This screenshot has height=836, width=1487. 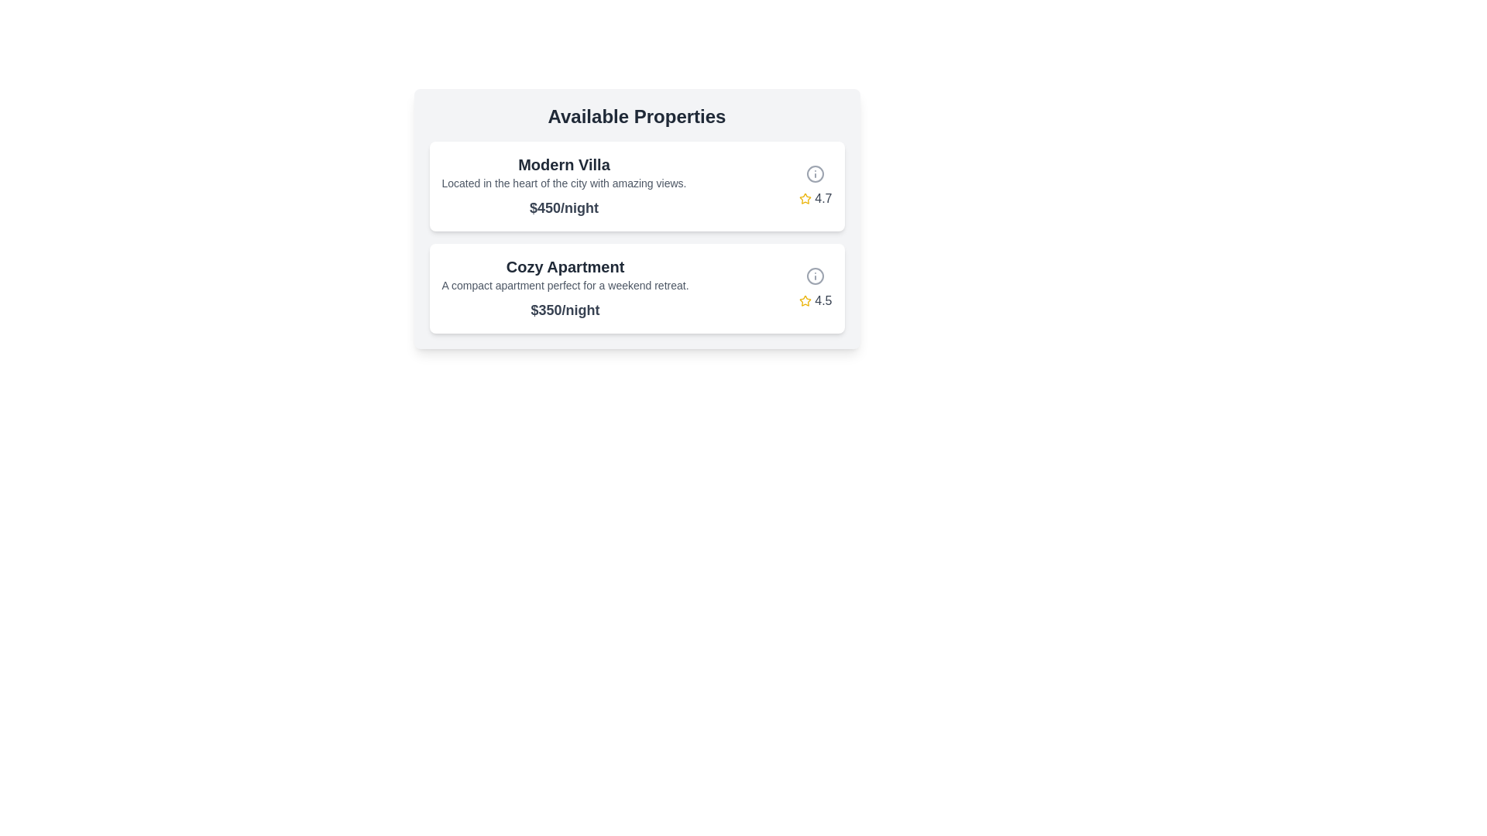 What do you see at coordinates (805, 301) in the screenshot?
I see `the yellow five-pointed star icon representing the rating indicator next to the rating value '4.5' in the second card labeled 'Cozy Apartment'` at bounding box center [805, 301].